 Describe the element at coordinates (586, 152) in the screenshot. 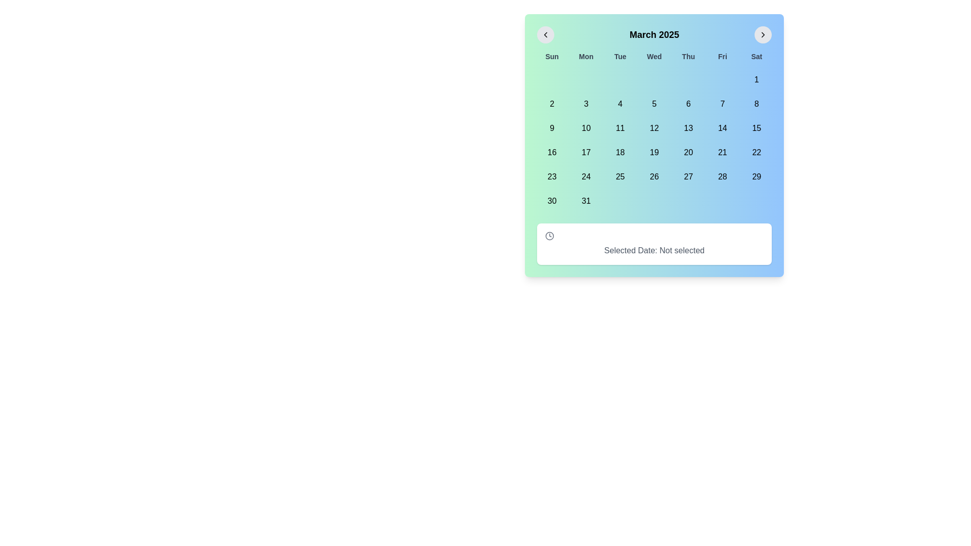

I see `the button displaying the number '17' in bold text on the calendar grid layout beneath the header 'March 2025'` at that location.